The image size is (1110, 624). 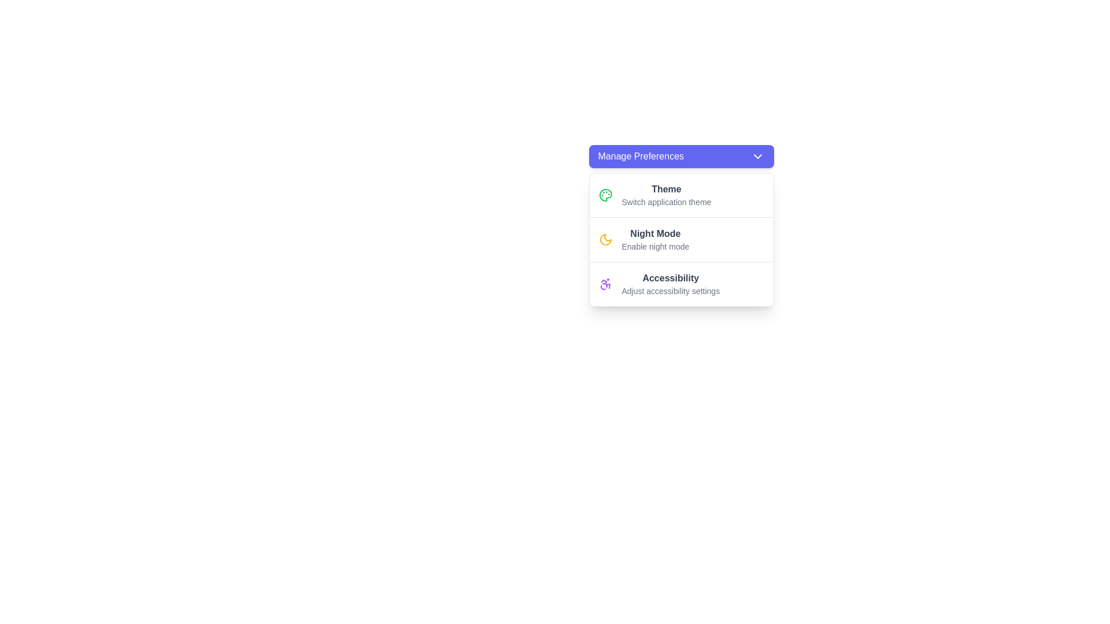 I want to click on the second option in the dropdown menu, so click(x=681, y=239).